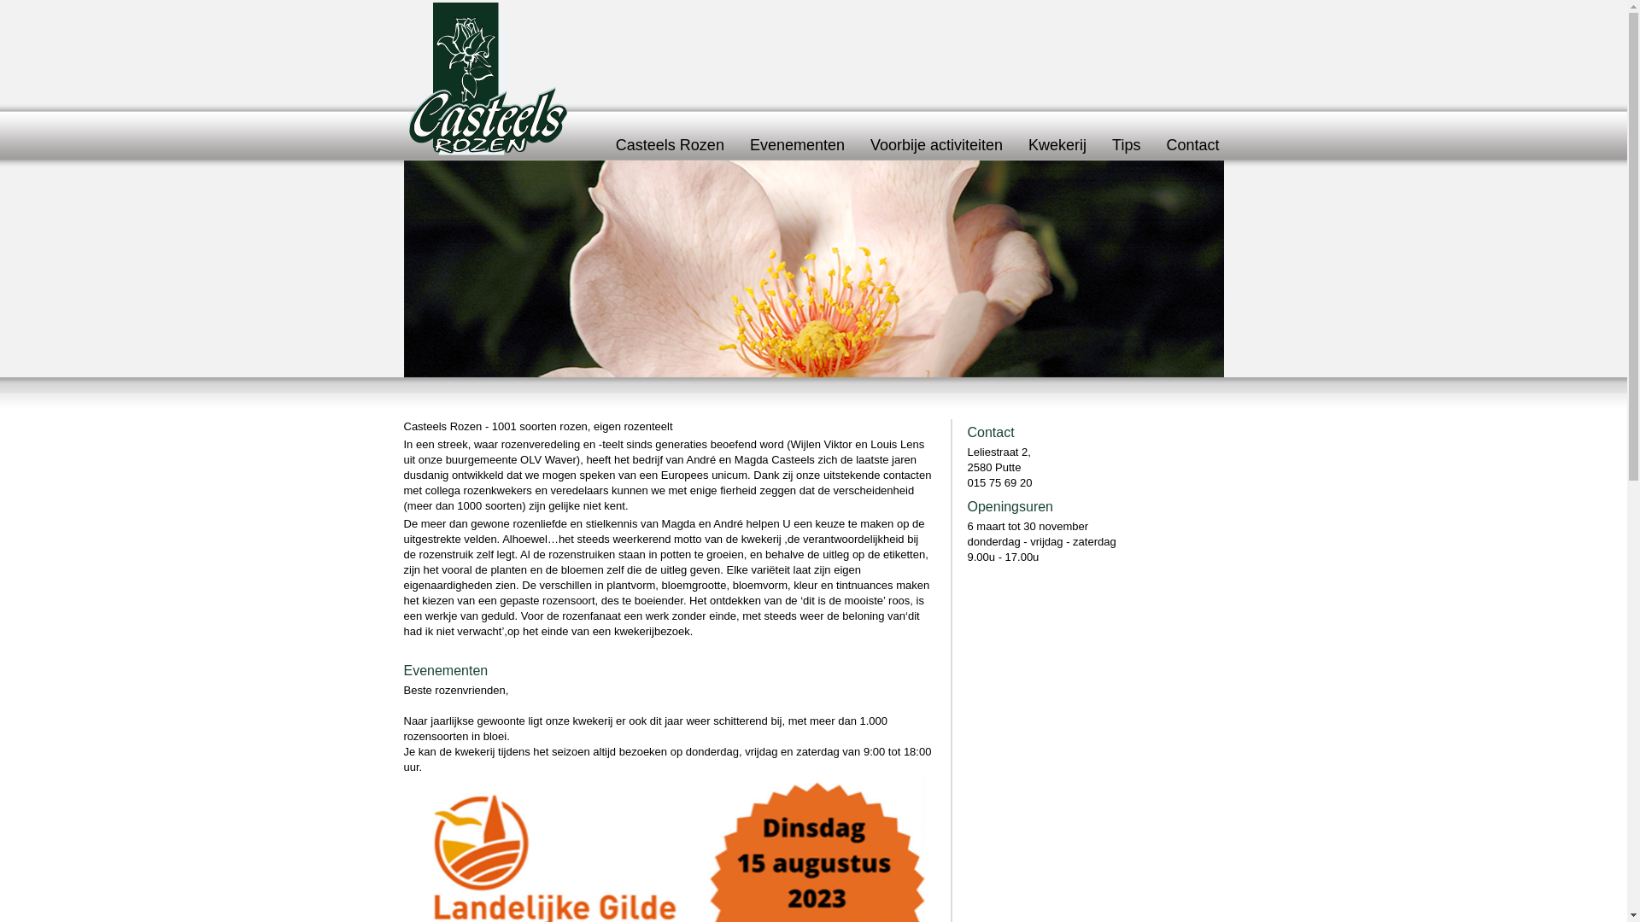 This screenshot has width=1640, height=922. I want to click on 'Contact', so click(1192, 143).